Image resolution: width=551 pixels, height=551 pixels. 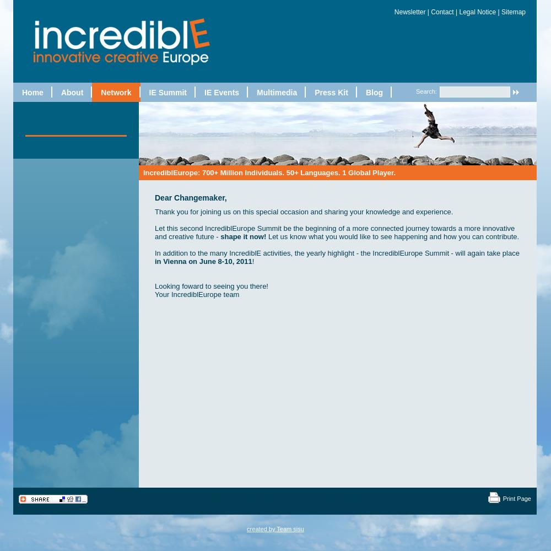 What do you see at coordinates (220, 236) in the screenshot?
I see `'shape it now!'` at bounding box center [220, 236].